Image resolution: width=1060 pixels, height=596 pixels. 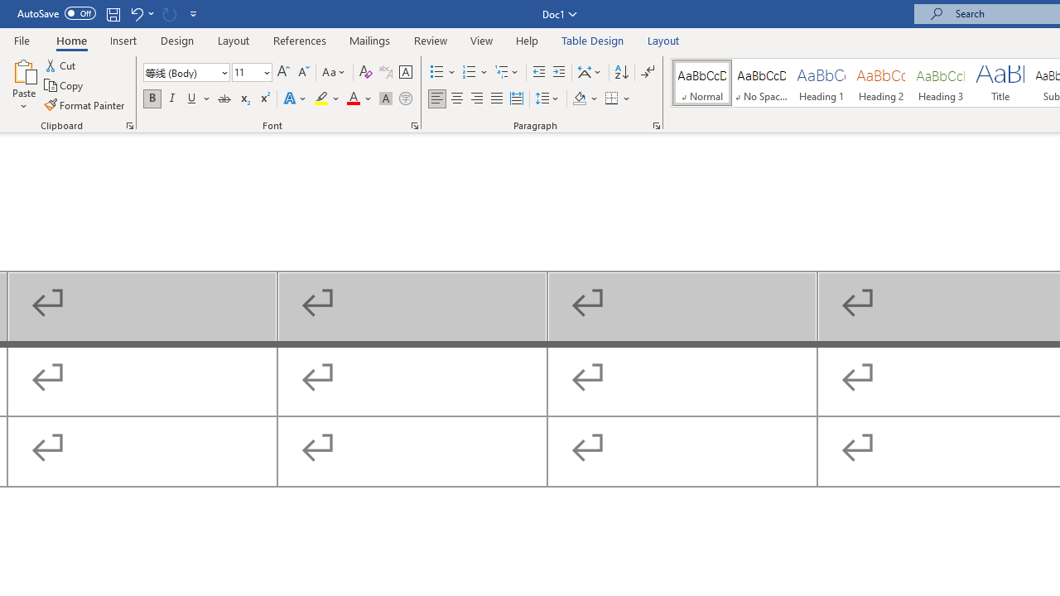 I want to click on 'Title', so click(x=1000, y=83).